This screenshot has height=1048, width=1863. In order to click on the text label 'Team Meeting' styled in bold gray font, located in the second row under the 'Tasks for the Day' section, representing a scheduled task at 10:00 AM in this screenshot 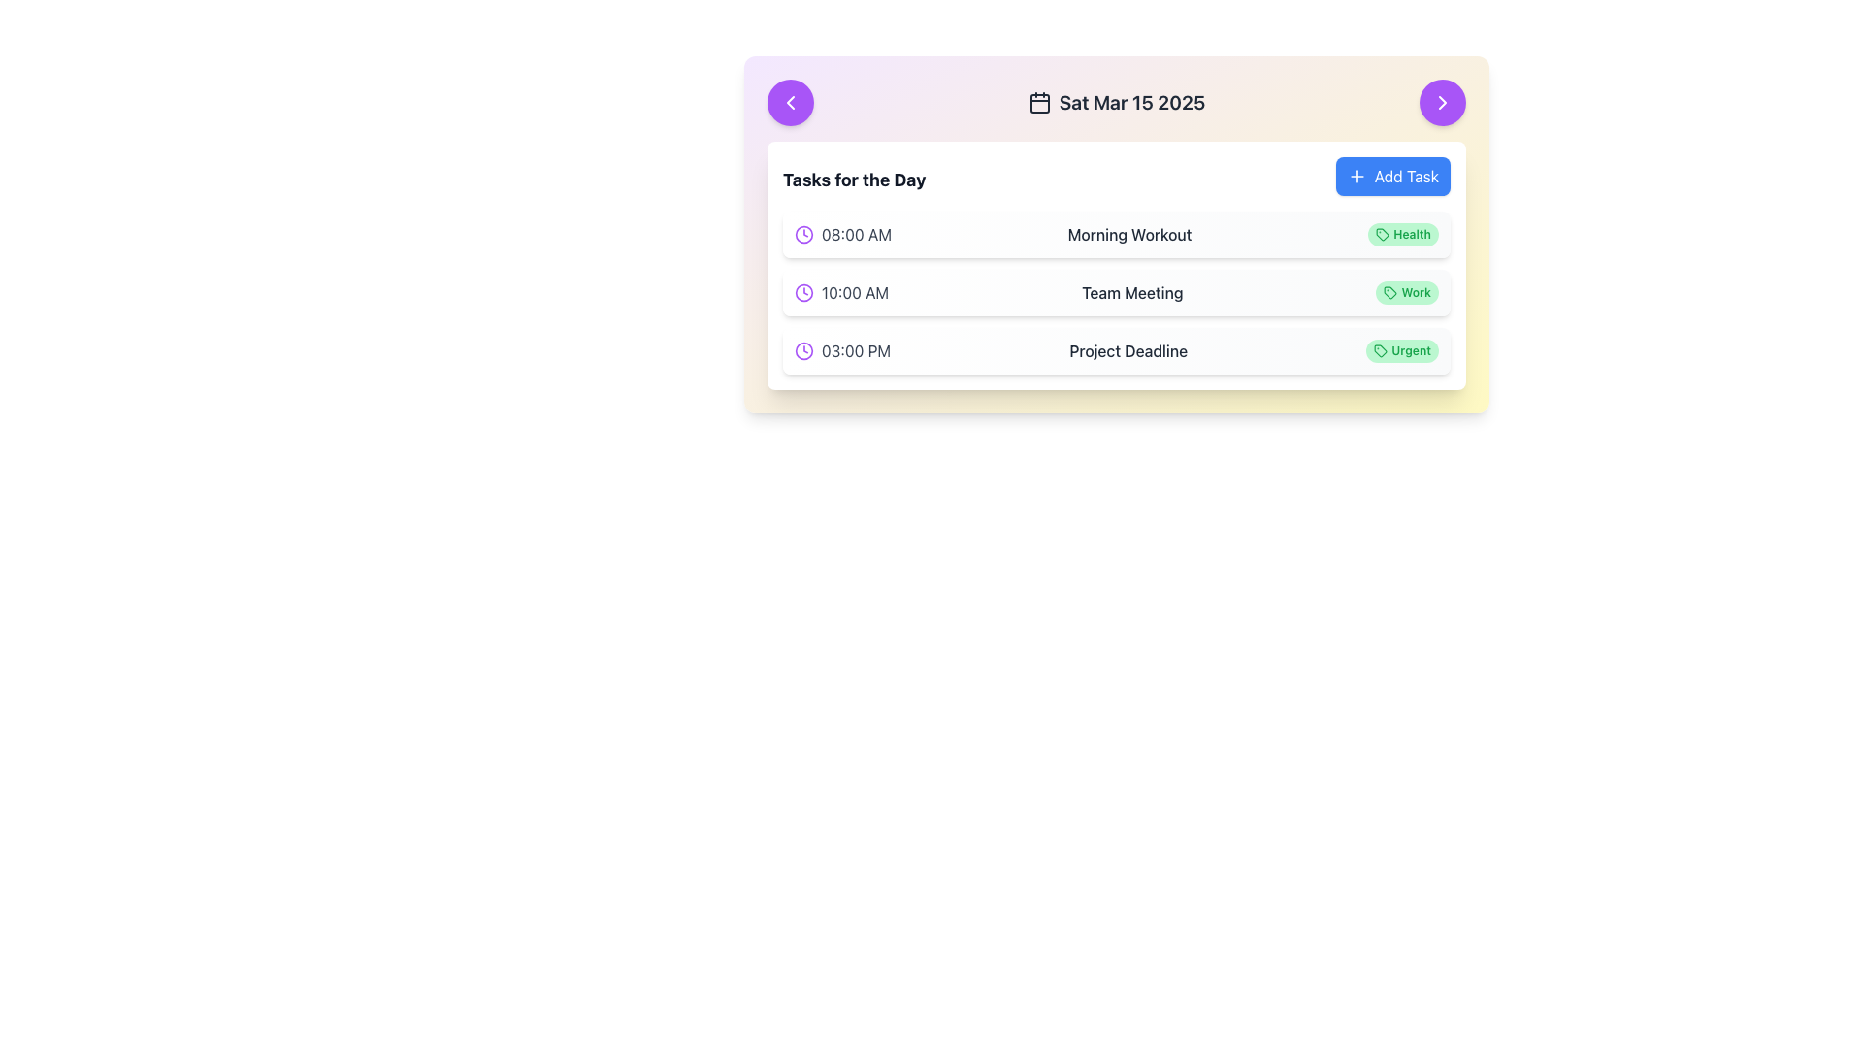, I will do `click(1132, 292)`.